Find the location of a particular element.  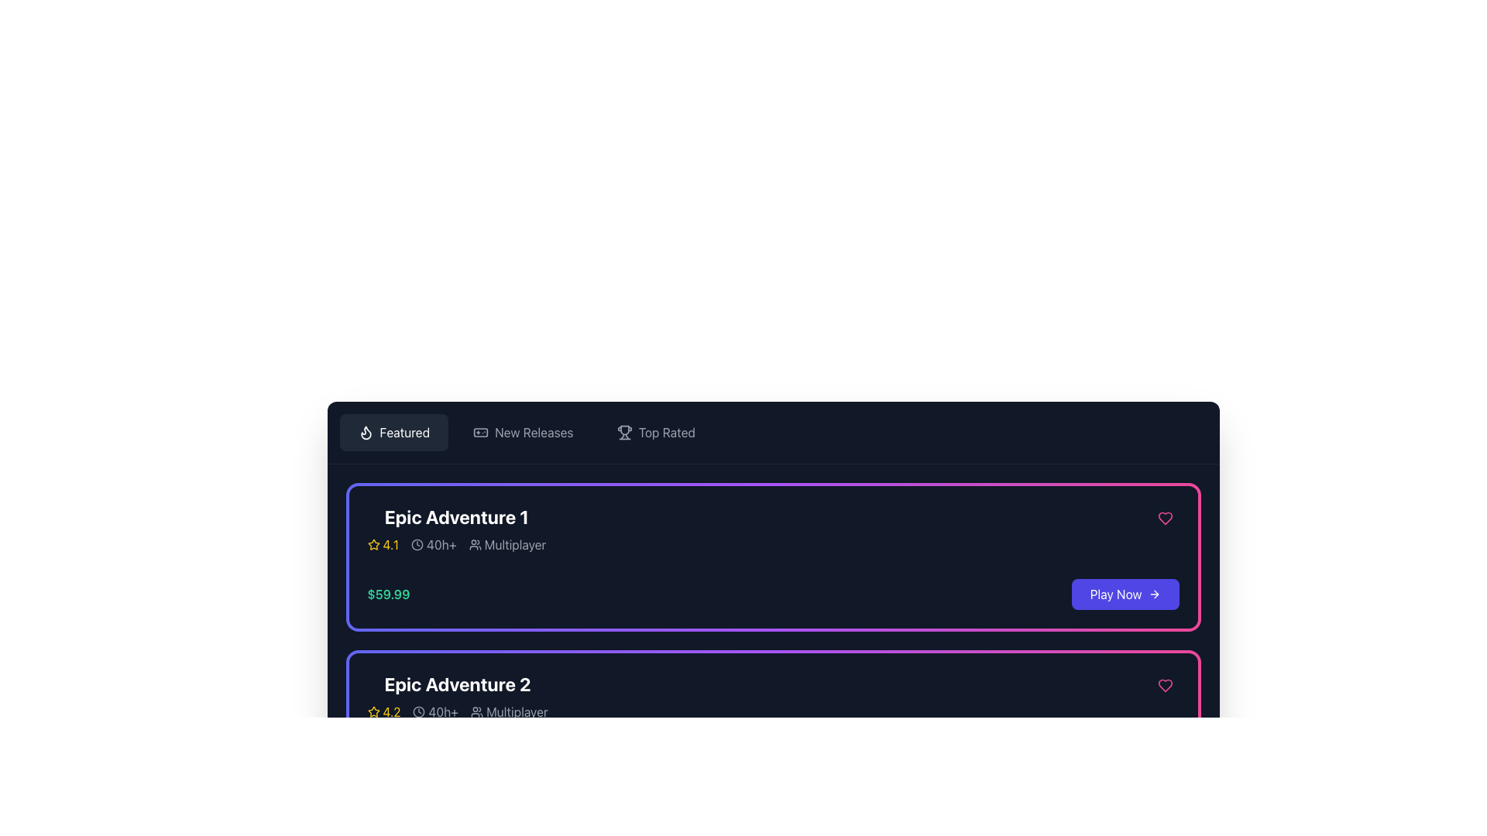

the informational label indicating the estimated game duration, which reads '40 hours or more', located between the rating indicator '4.1' and the text 'Multiplayer' is located at coordinates (434, 544).